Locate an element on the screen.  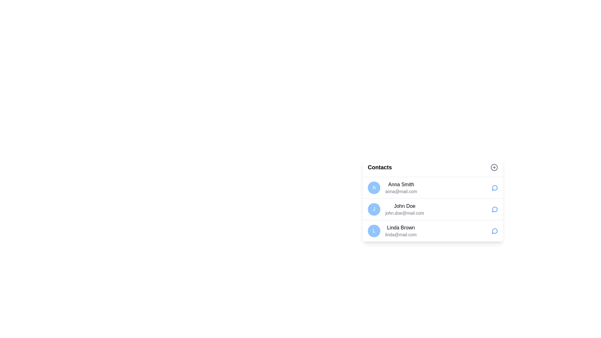
the circular boundary decoration of the add contact button located at the top-right corner of the contacts list interface is located at coordinates (494, 167).